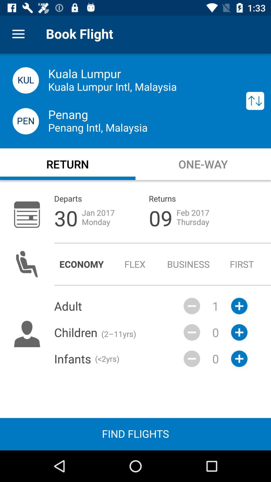 The image size is (271, 482). Describe the element at coordinates (239, 306) in the screenshot. I see `the add icon` at that location.